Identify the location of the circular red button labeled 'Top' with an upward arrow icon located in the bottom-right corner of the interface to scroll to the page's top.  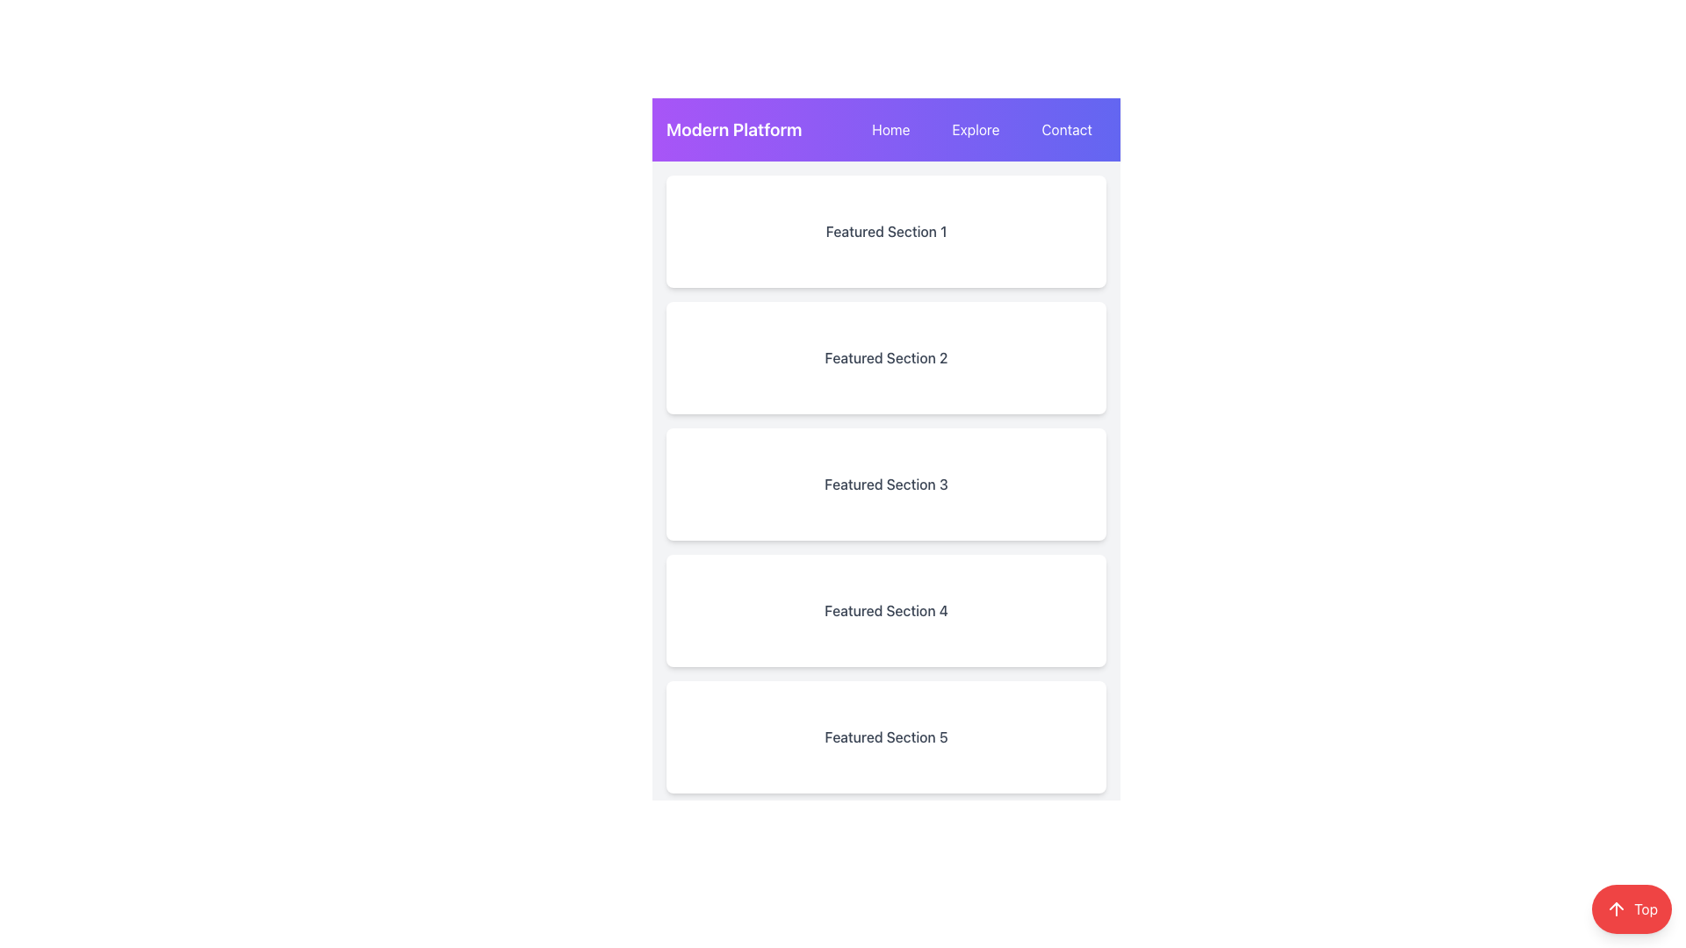
(1631, 908).